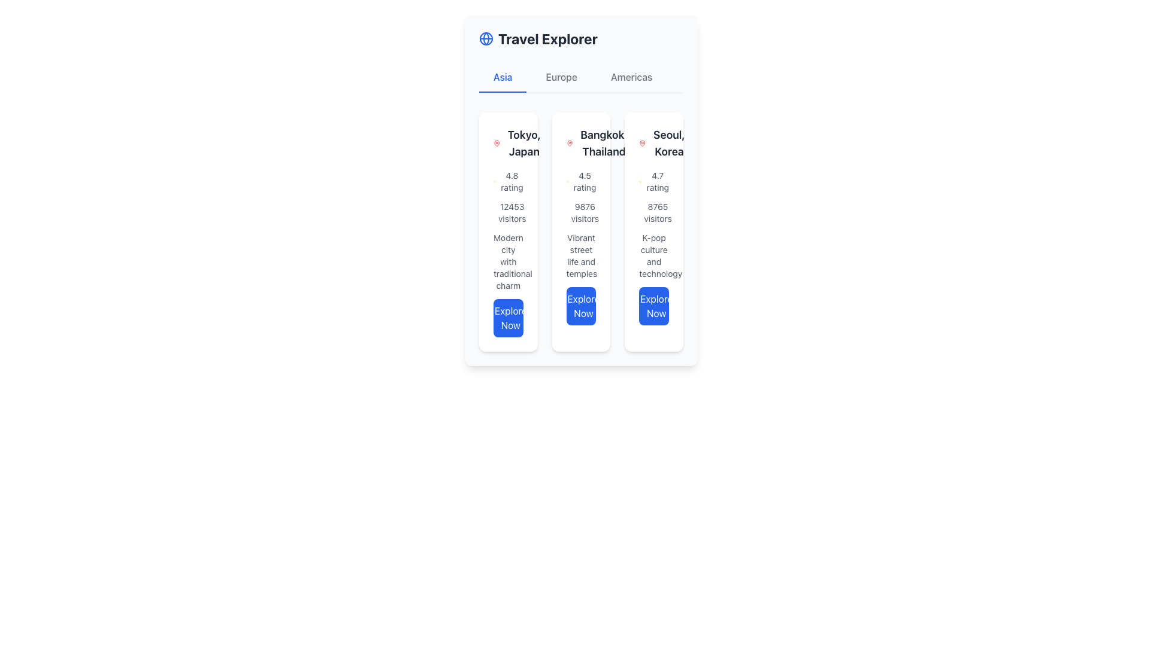  I want to click on text 'Bangkok, Thailand' displayed in bold black font, which is located in the center card of a group of three cards under the section titled 'Asia', so click(598, 142).